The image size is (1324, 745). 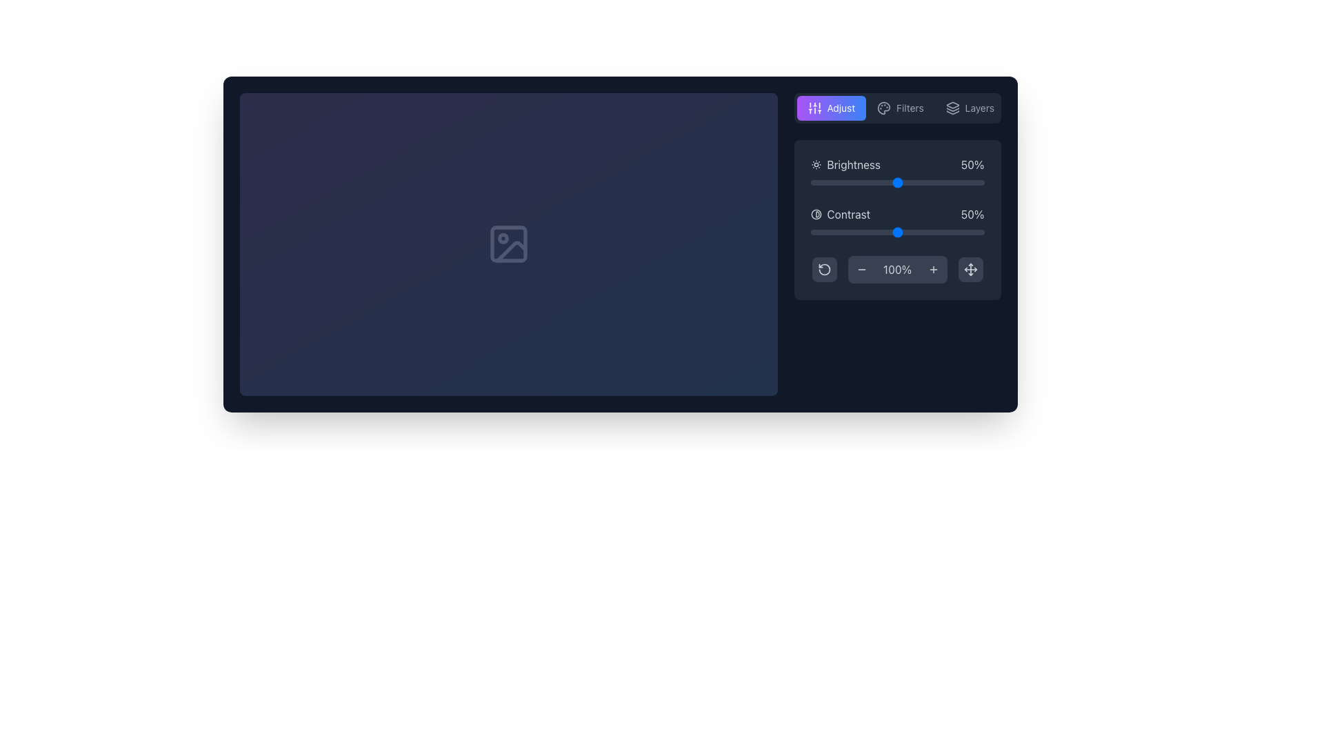 I want to click on the static text label displaying '100%' in gray color, centrally located in the controls section at the bottom-right corner of the dark-themed panel, so click(x=897, y=269).